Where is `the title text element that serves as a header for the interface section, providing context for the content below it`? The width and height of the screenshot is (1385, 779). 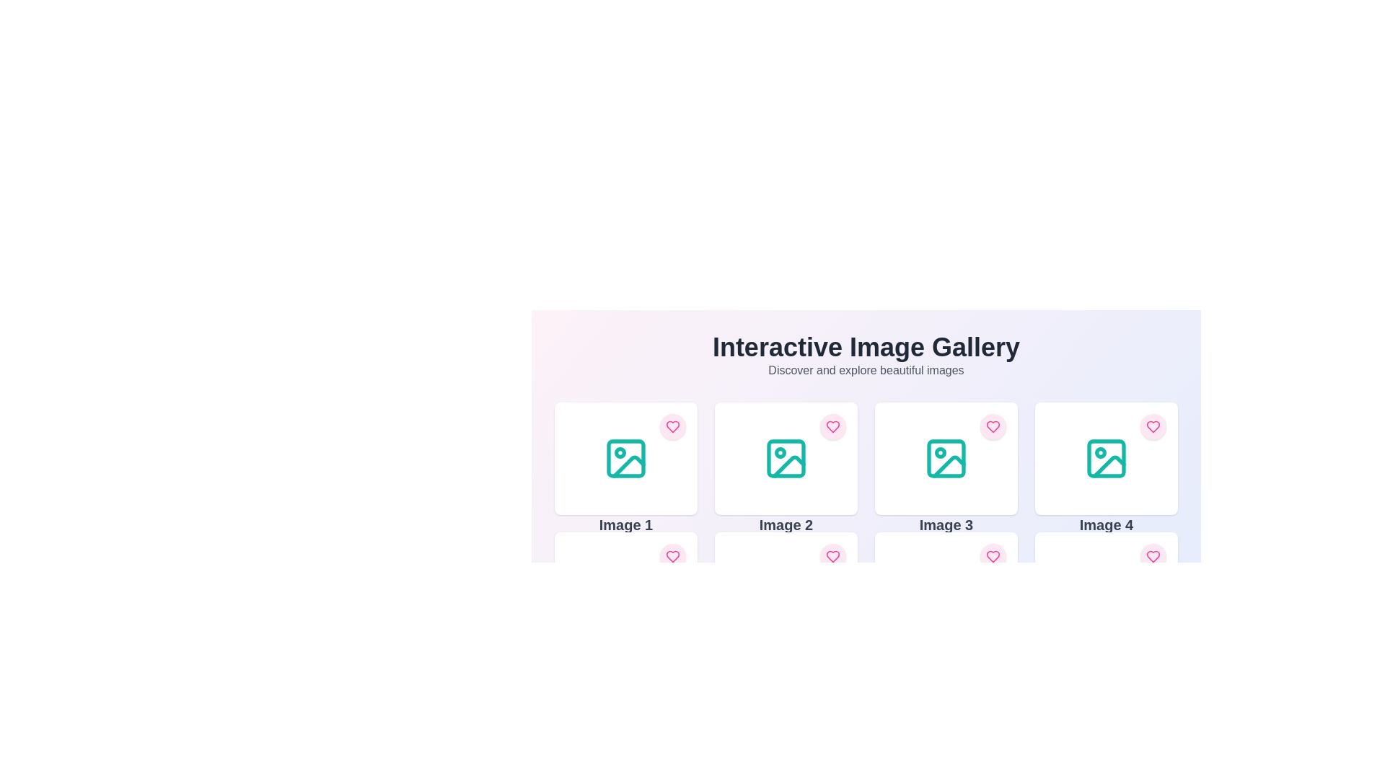 the title text element that serves as a header for the interface section, providing context for the content below it is located at coordinates (866, 348).